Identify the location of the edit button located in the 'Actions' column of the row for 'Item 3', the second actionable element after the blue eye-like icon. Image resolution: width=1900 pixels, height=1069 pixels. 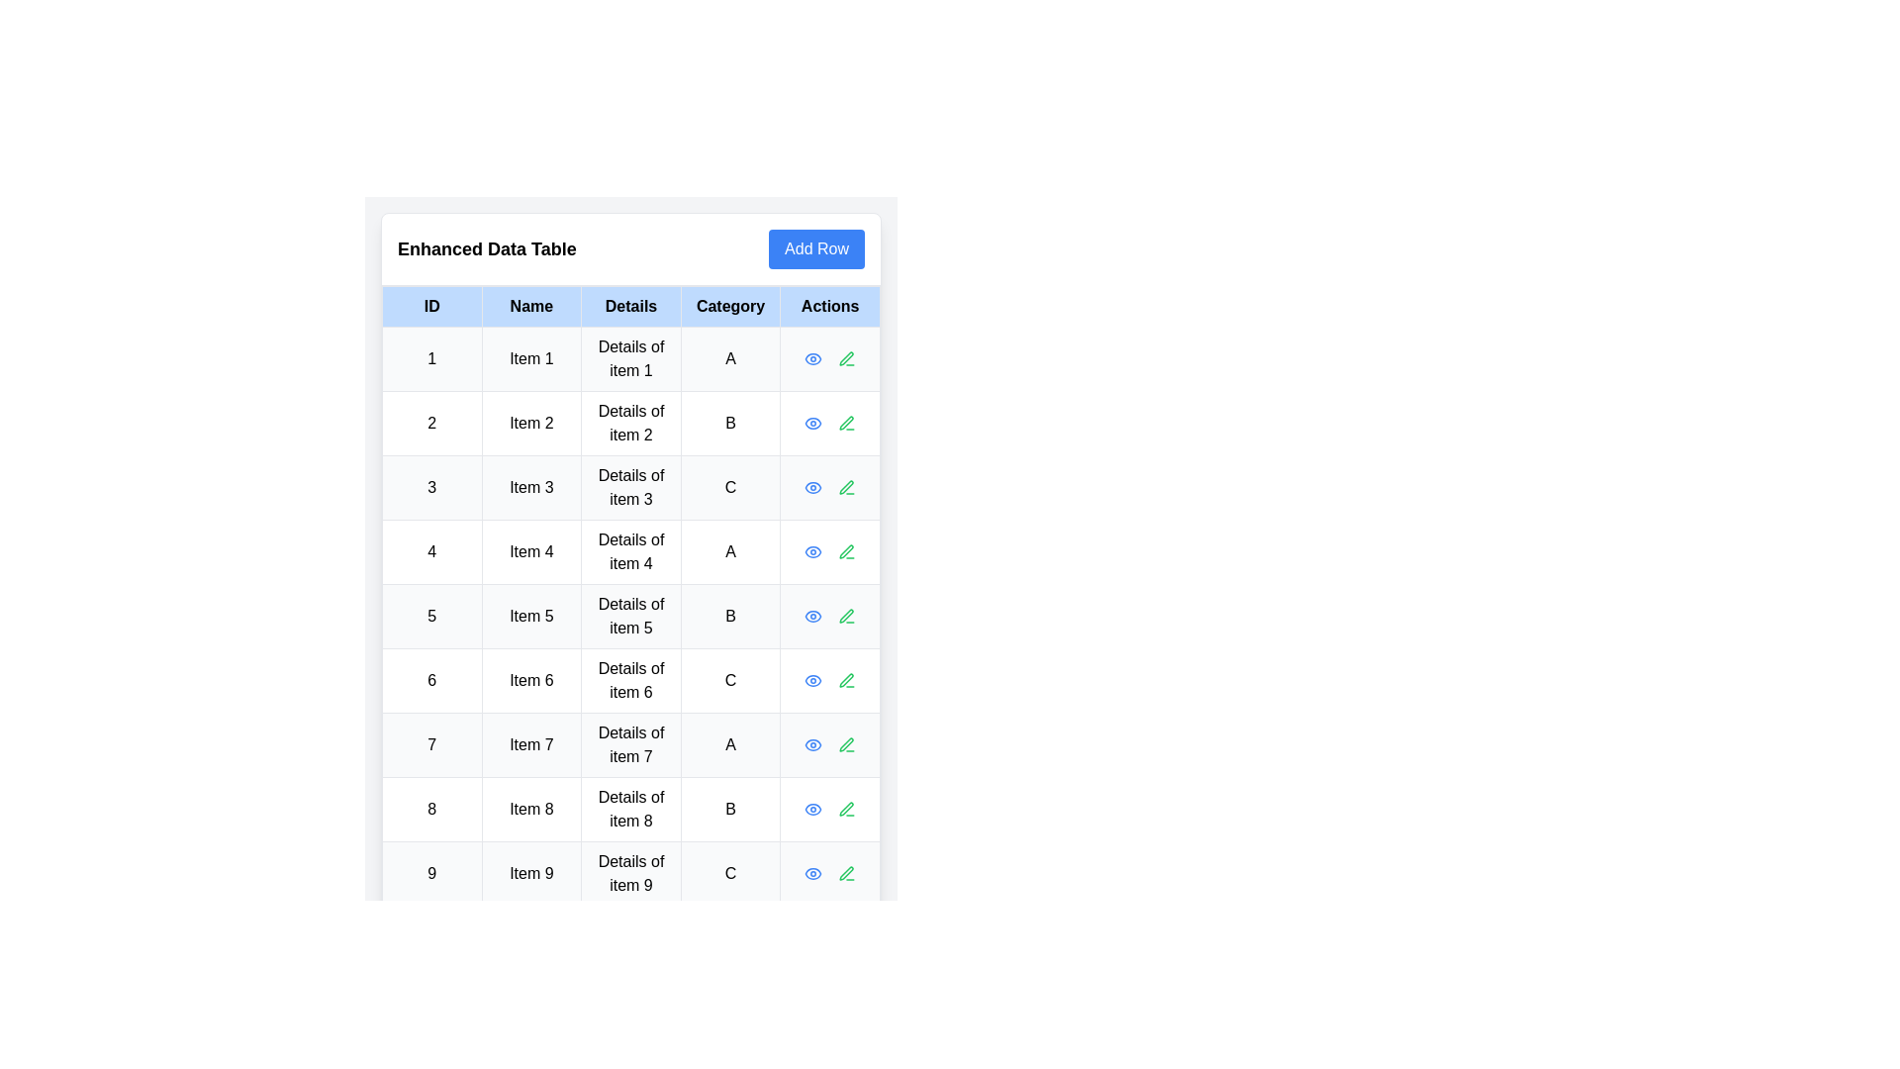
(847, 488).